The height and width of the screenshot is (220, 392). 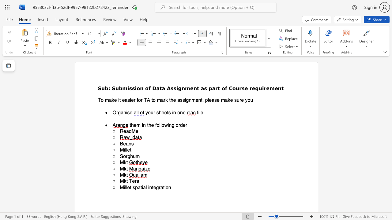 What do you see at coordinates (163, 112) in the screenshot?
I see `the 1th character "e" in the text` at bounding box center [163, 112].